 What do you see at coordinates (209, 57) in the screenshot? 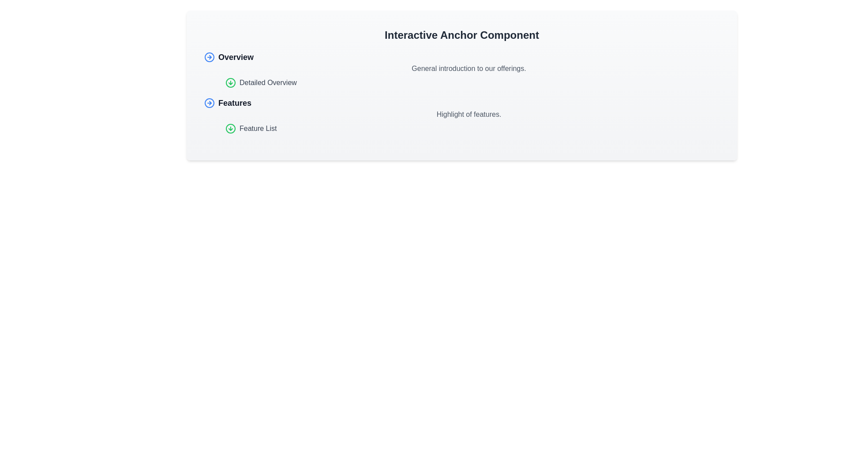
I see `the navigation icon leading to the 'Overview' section, which is located to the left of the 'Overview' text label` at bounding box center [209, 57].